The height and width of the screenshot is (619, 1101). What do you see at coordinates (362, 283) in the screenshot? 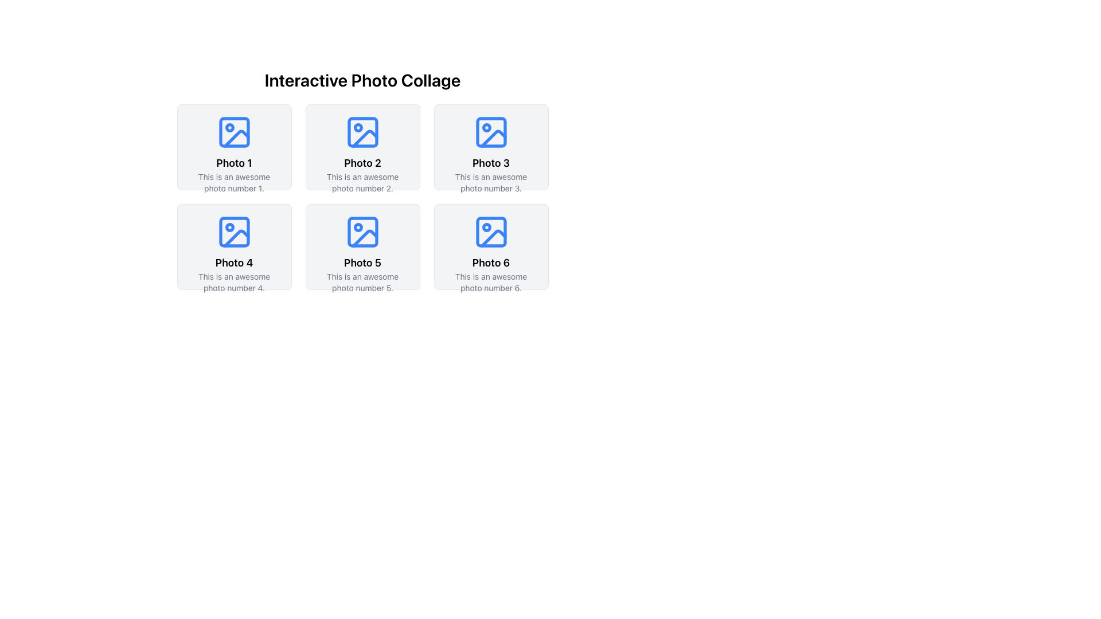
I see `text label that displays 'This is an awesome photo number 5.' located in the bottom portion of the fifth card labeled 'Photo 5' in the second row of the grid-based photo collage interface` at bounding box center [362, 283].